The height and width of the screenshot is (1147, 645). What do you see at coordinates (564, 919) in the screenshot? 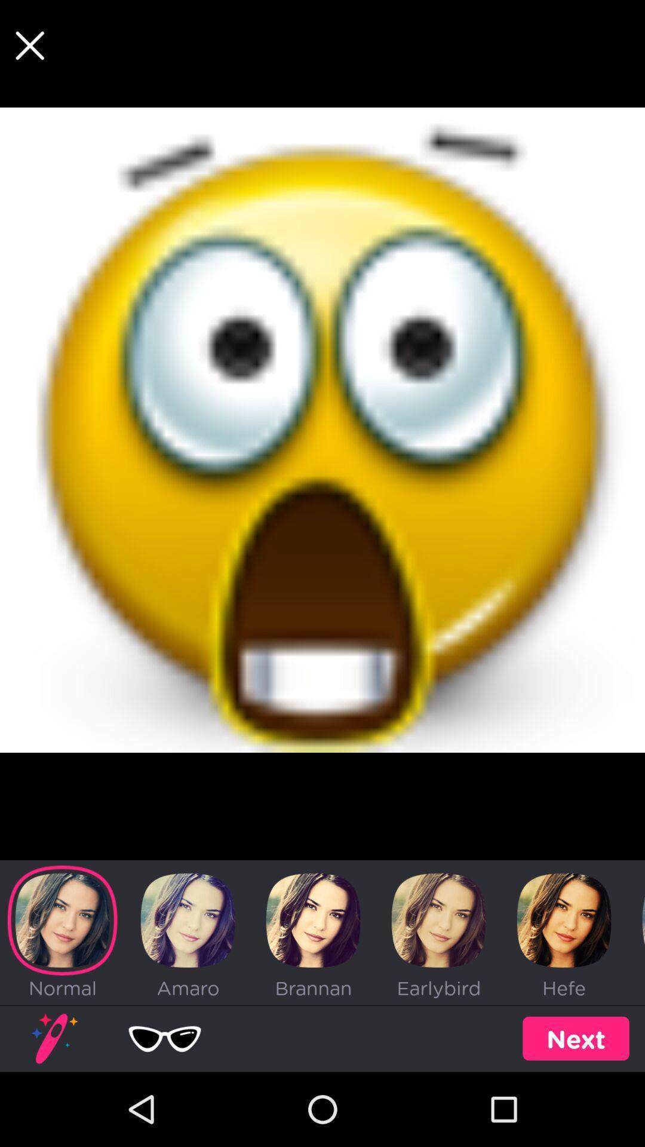
I see `the picture which is above the text hefe` at bounding box center [564, 919].